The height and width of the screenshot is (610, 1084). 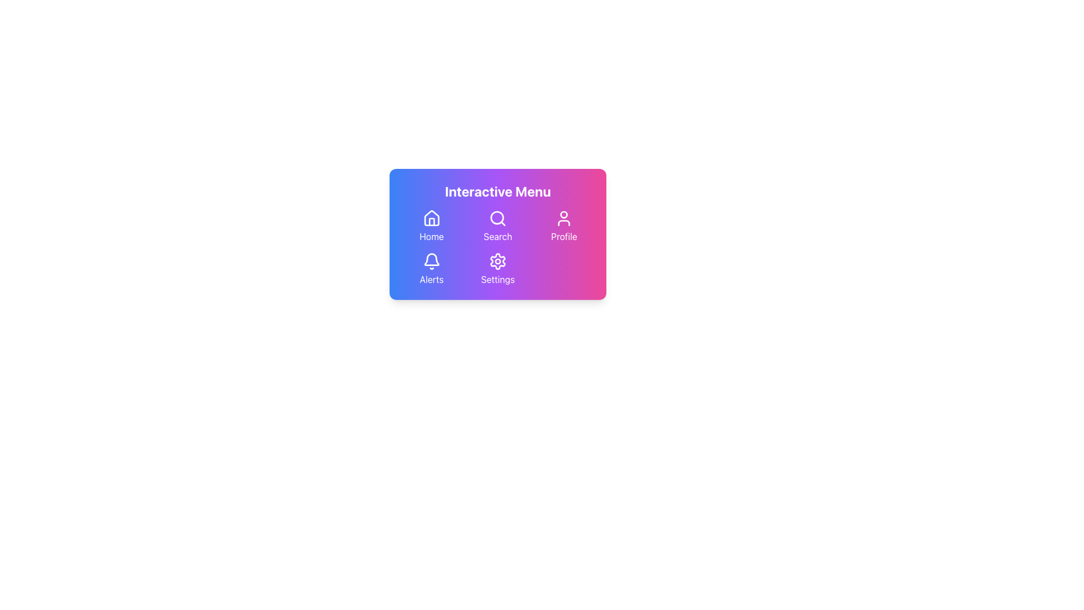 What do you see at coordinates (497, 279) in the screenshot?
I see `the Text Label that describes the settings functionality, located below the gear icon in the 'Settings' button group at the bottom center of the interface card` at bounding box center [497, 279].